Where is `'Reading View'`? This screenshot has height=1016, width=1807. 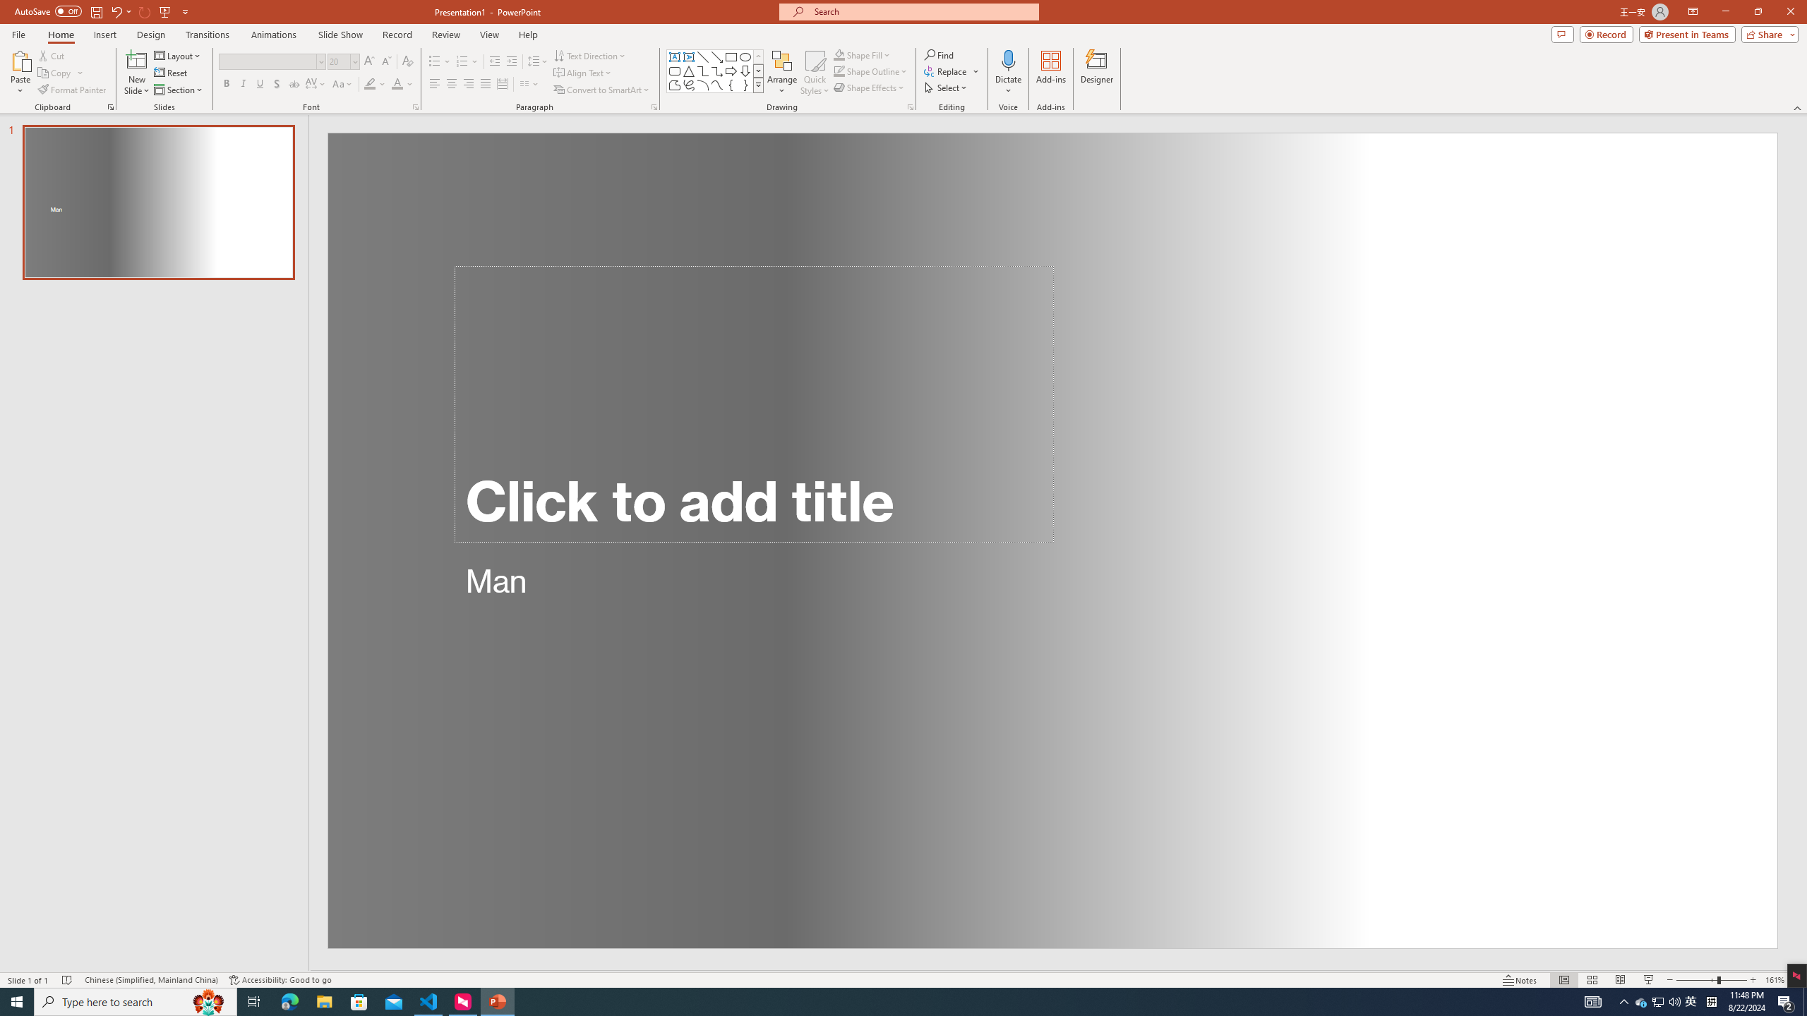
'Reading View' is located at coordinates (1620, 980).